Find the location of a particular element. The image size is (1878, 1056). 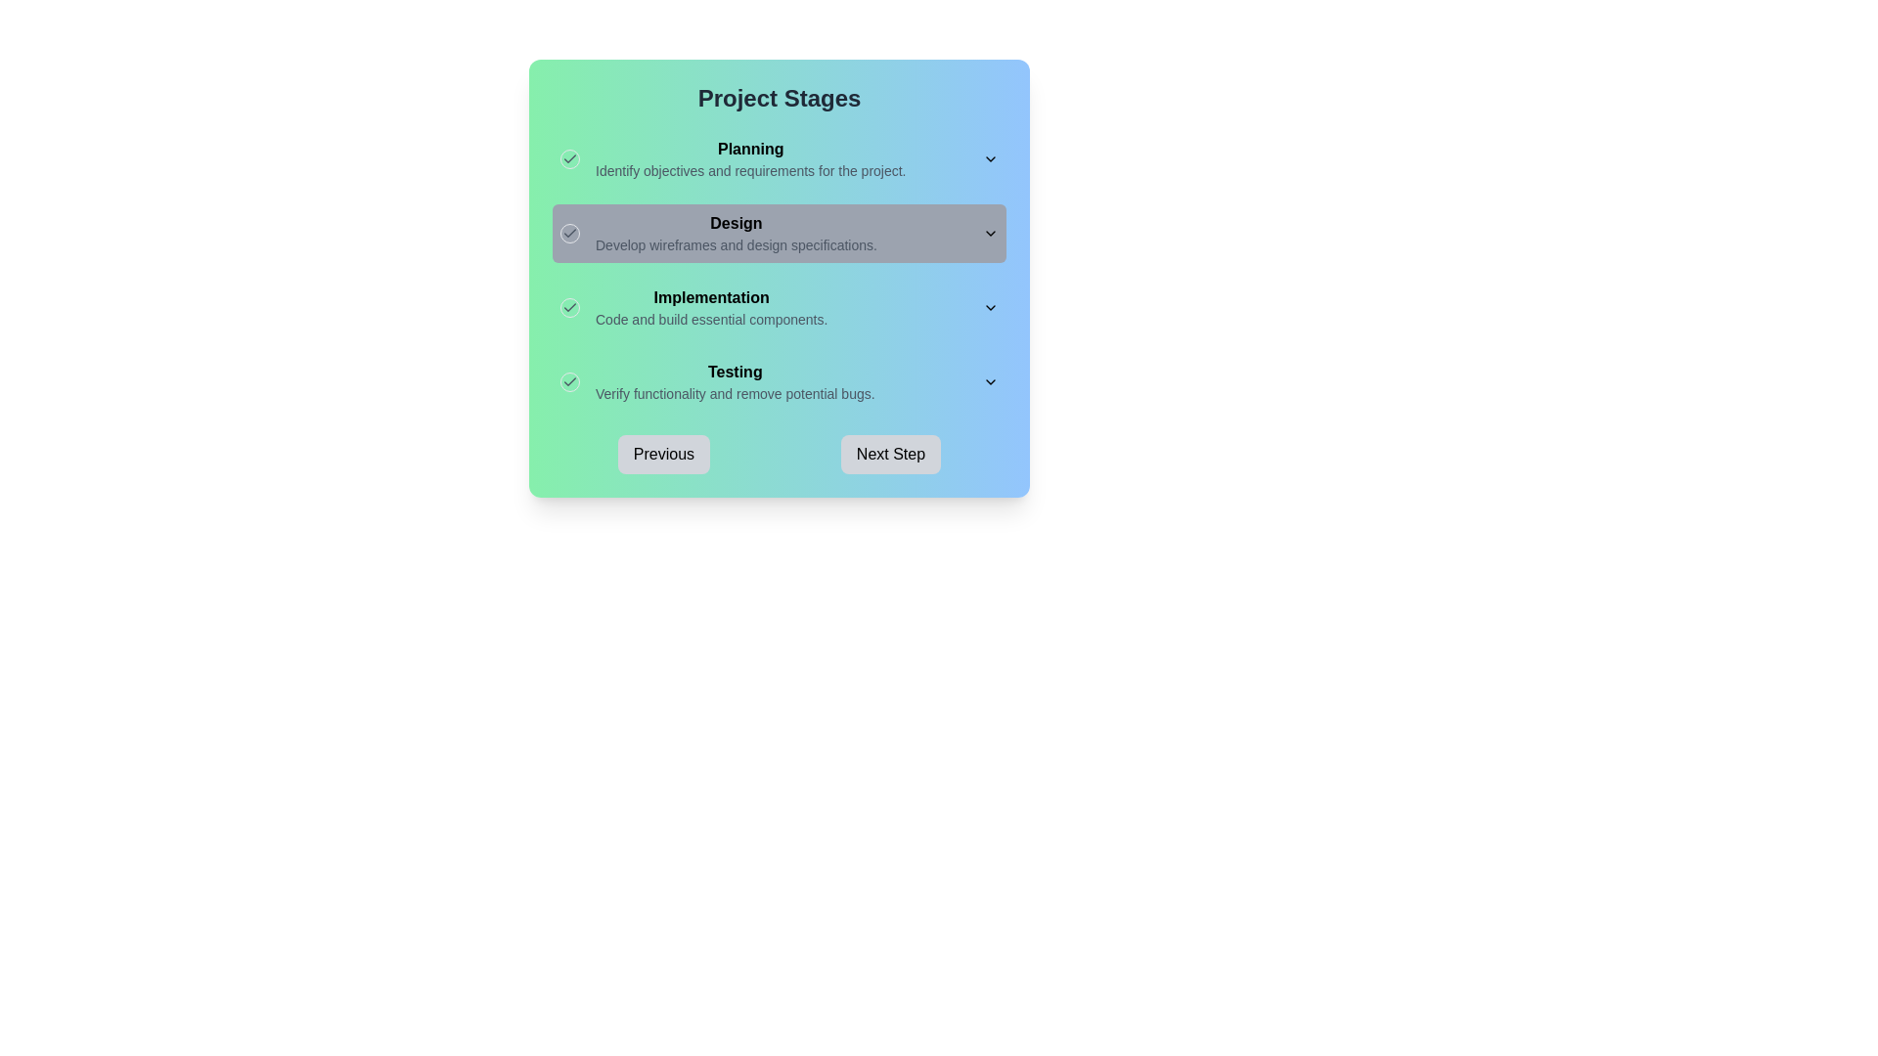

the text block with hierarchical styling that serves as a descriptor for a stage in the project process, located at the top-left portion of the card interface is located at coordinates (749, 157).